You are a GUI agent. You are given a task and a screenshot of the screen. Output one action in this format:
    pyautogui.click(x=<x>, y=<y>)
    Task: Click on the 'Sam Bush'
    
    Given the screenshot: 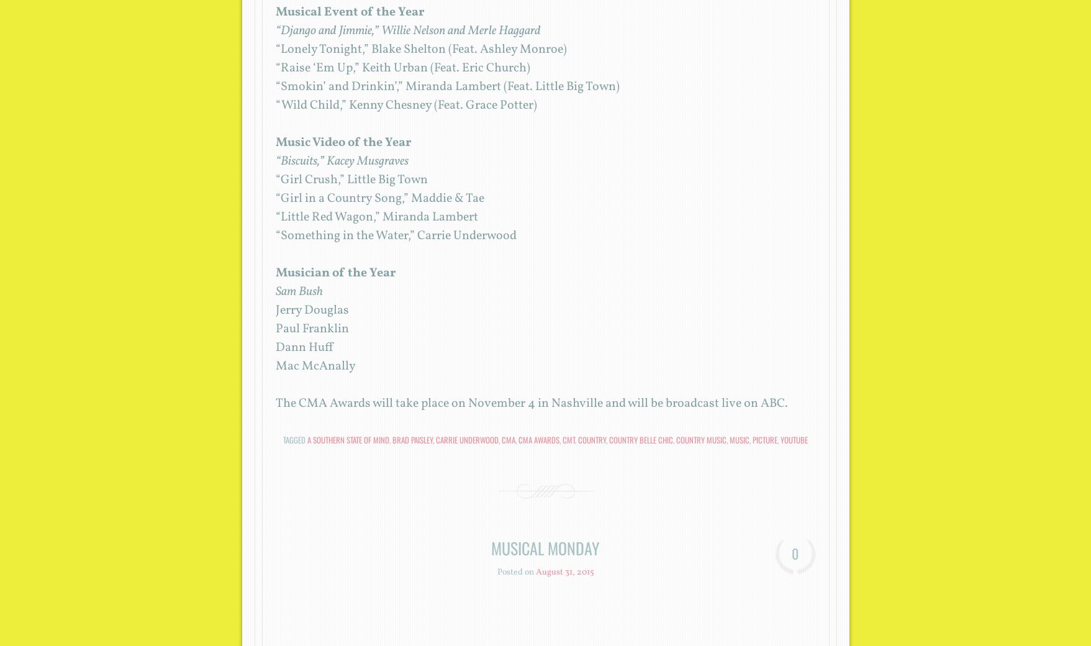 What is the action you would take?
    pyautogui.click(x=274, y=291)
    